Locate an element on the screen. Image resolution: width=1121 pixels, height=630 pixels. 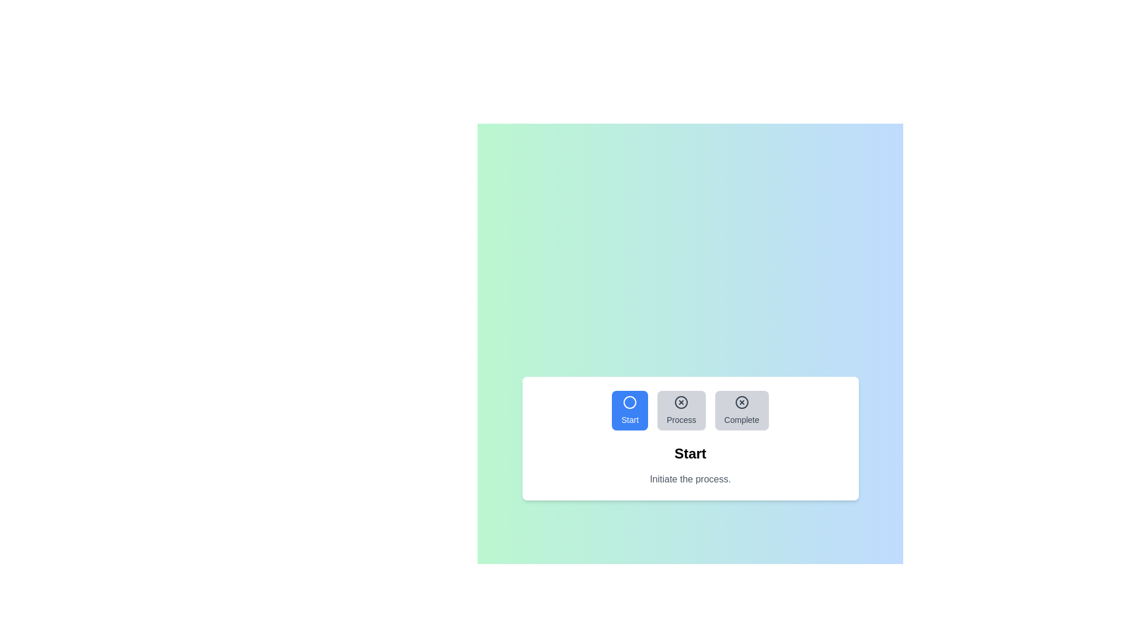
the 'Complete' button located on the rightmost side among three horizontally aligned buttons is located at coordinates (741, 410).